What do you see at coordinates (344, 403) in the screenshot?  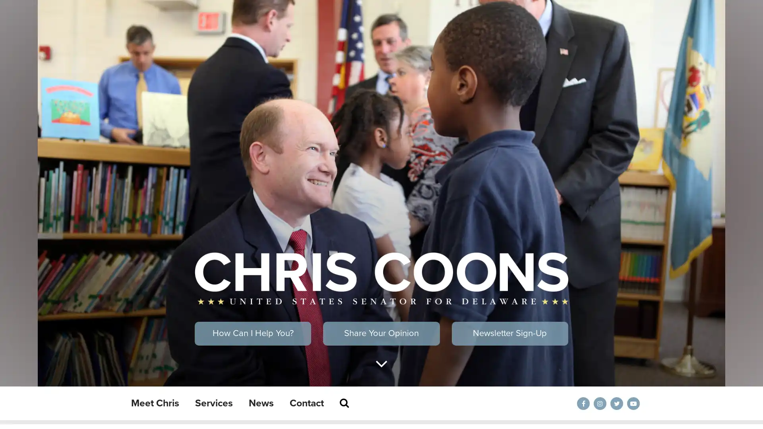 I see `Search` at bounding box center [344, 403].